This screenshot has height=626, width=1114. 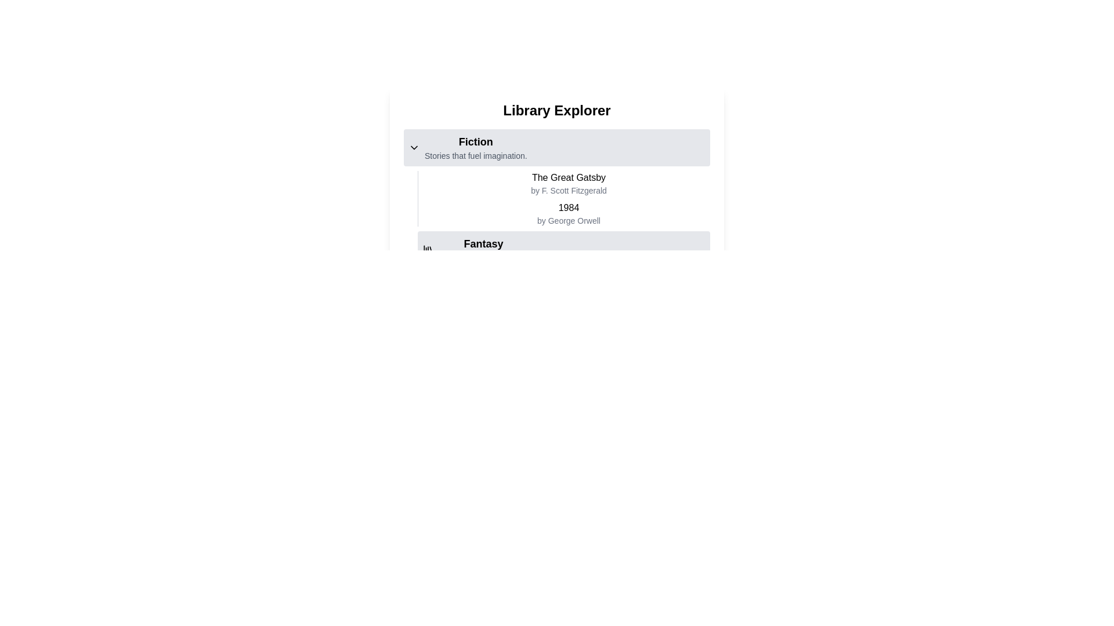 I want to click on the chevron dropdown indicator, so click(x=414, y=147).